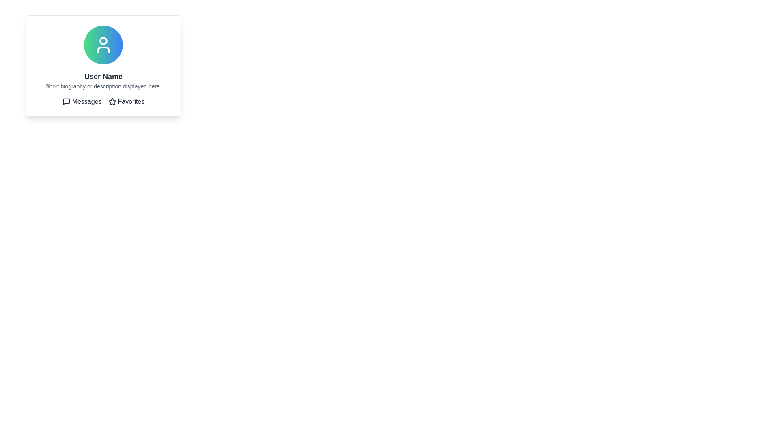 Image resolution: width=779 pixels, height=438 pixels. Describe the element at coordinates (66, 101) in the screenshot. I see `the chat-related icon located to the left of the 'Messages' text in the user profile card's options row` at that location.